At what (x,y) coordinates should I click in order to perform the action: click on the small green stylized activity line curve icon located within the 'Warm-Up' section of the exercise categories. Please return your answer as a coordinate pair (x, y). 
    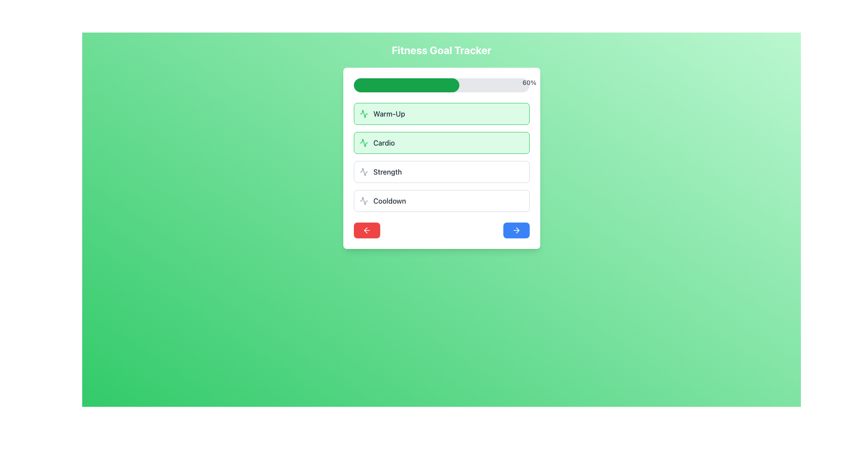
    Looking at the image, I should click on (364, 113).